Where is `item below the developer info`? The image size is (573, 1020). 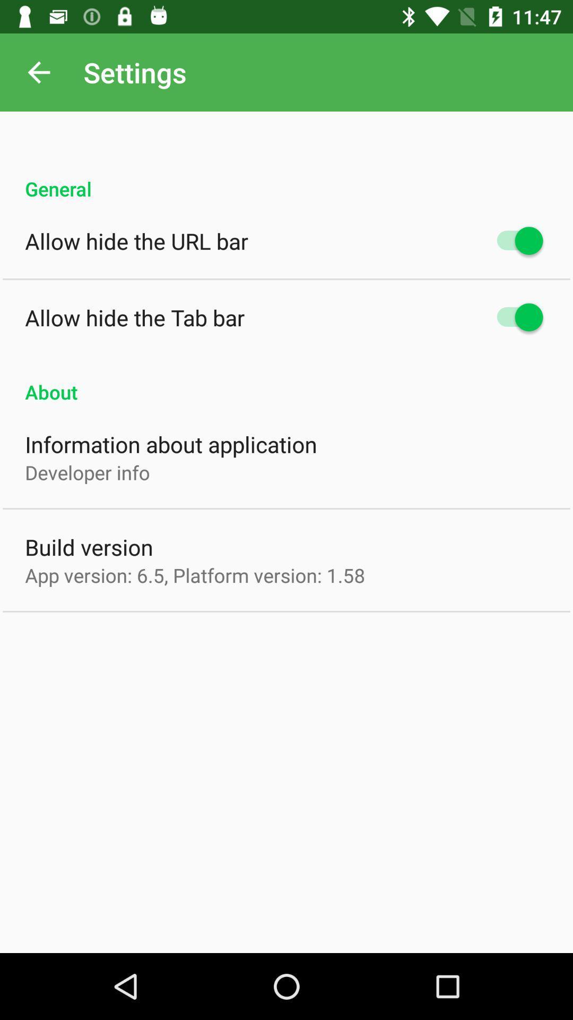
item below the developer info is located at coordinates (89, 547).